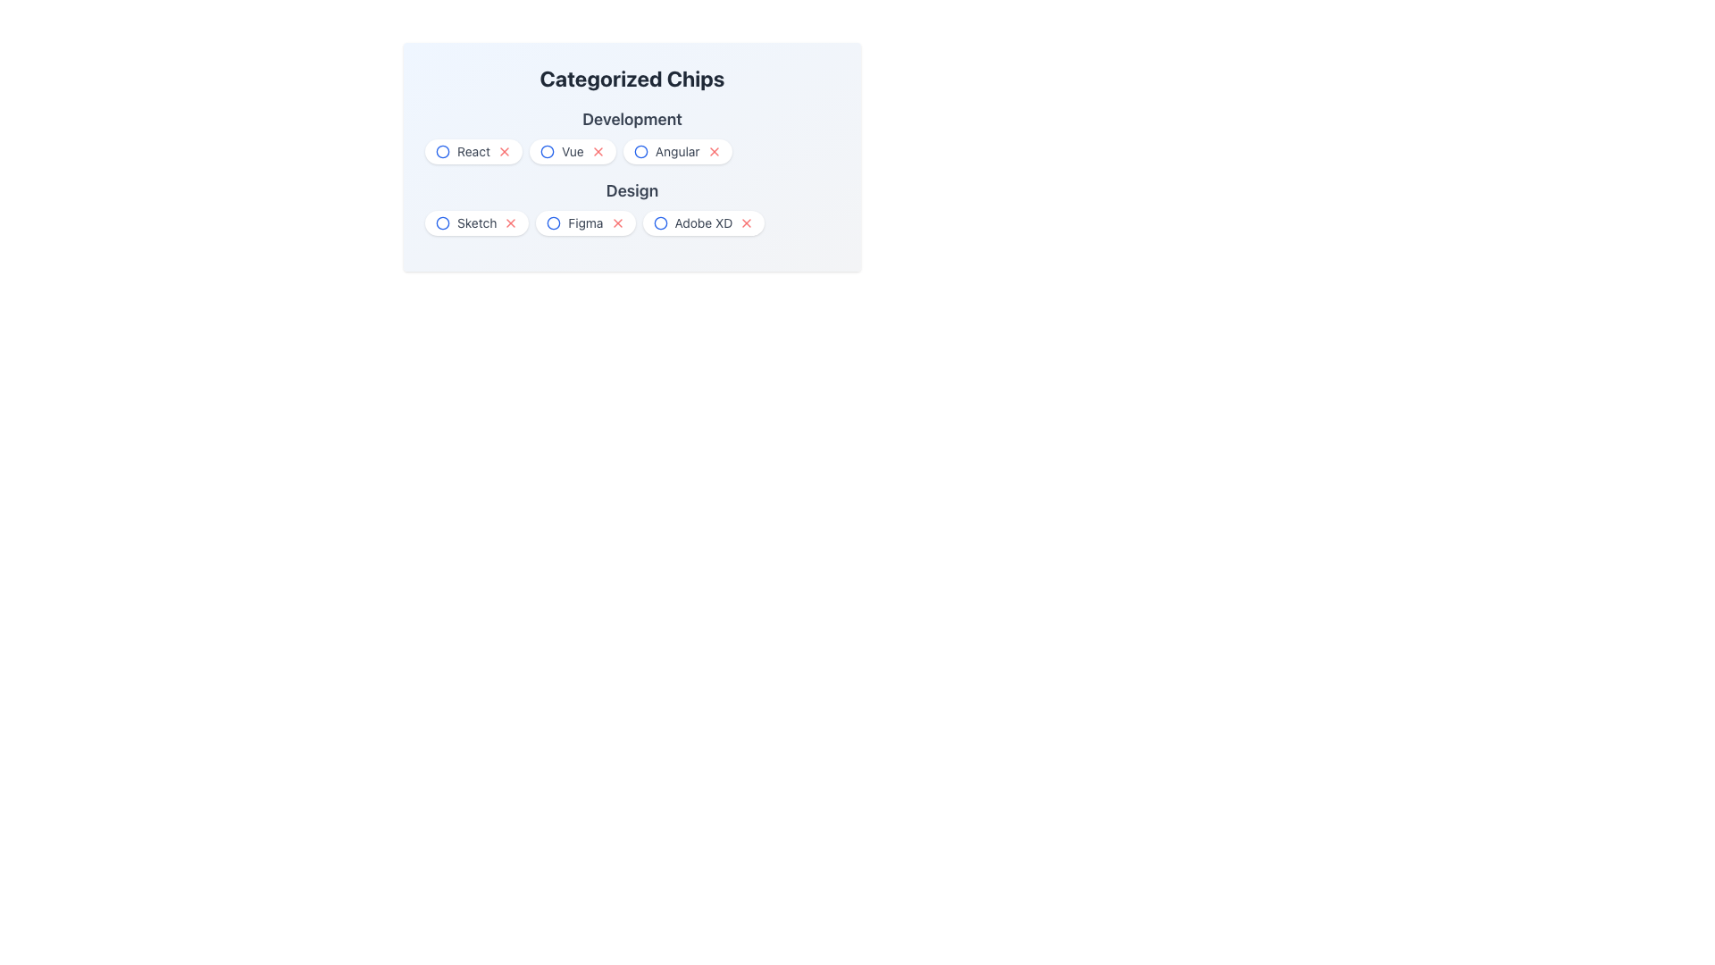 The width and height of the screenshot is (1715, 965). Describe the element at coordinates (632, 206) in the screenshot. I see `the selection chip` at that location.